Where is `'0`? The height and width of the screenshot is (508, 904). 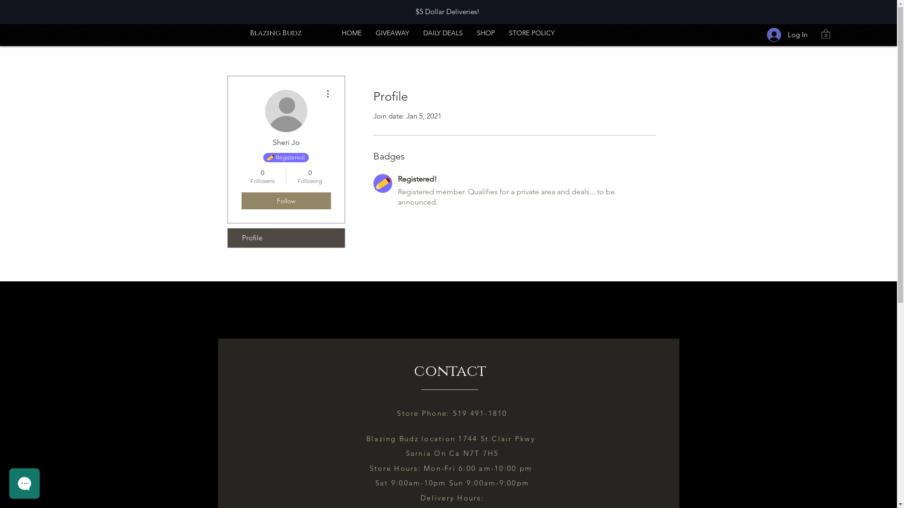 '0 is located at coordinates (310, 176).